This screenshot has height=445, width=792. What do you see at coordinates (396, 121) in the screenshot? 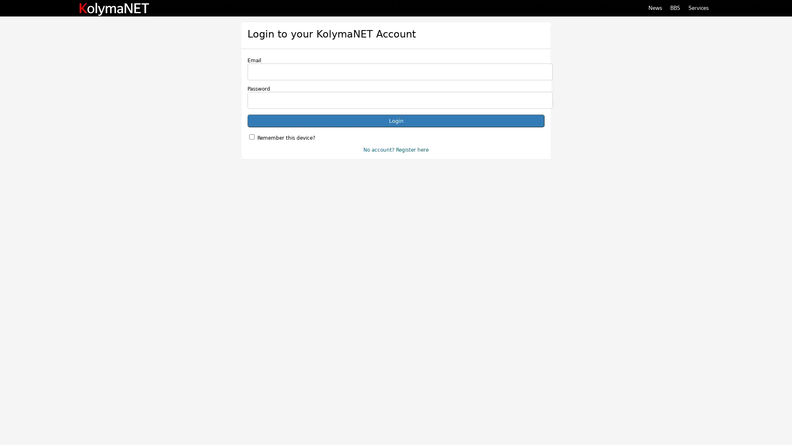
I see `Login` at bounding box center [396, 121].